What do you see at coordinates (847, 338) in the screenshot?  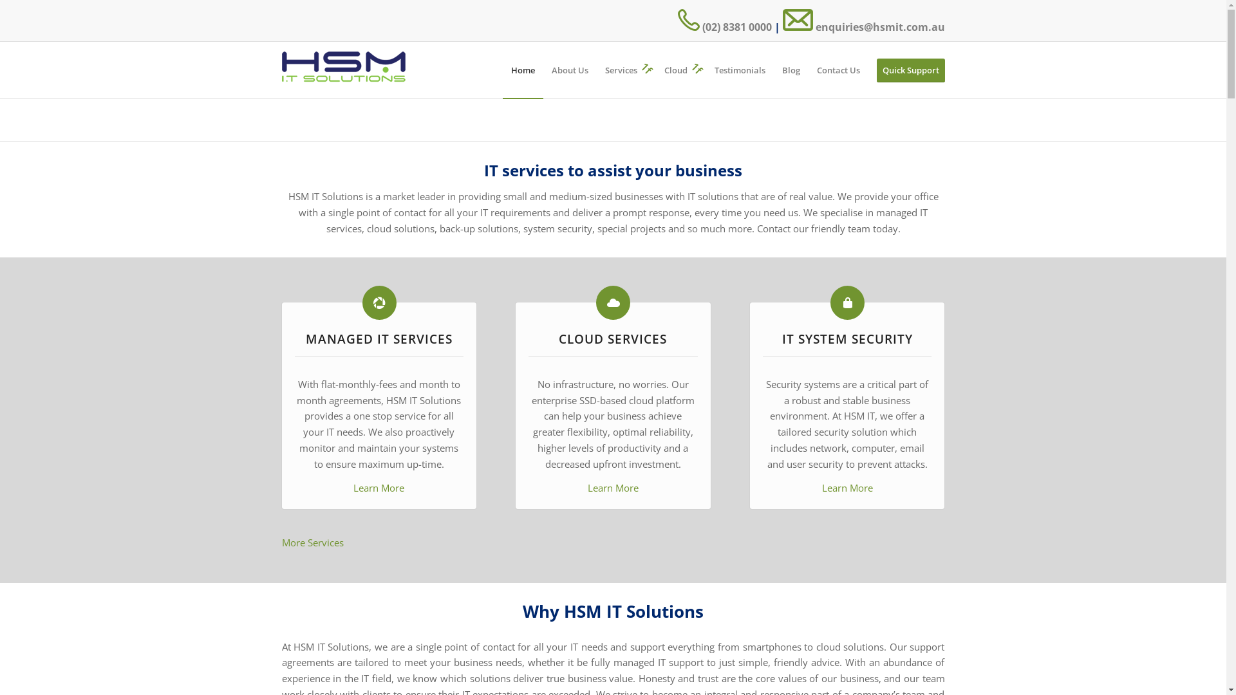 I see `'IT SYSTEM SECURITY'` at bounding box center [847, 338].